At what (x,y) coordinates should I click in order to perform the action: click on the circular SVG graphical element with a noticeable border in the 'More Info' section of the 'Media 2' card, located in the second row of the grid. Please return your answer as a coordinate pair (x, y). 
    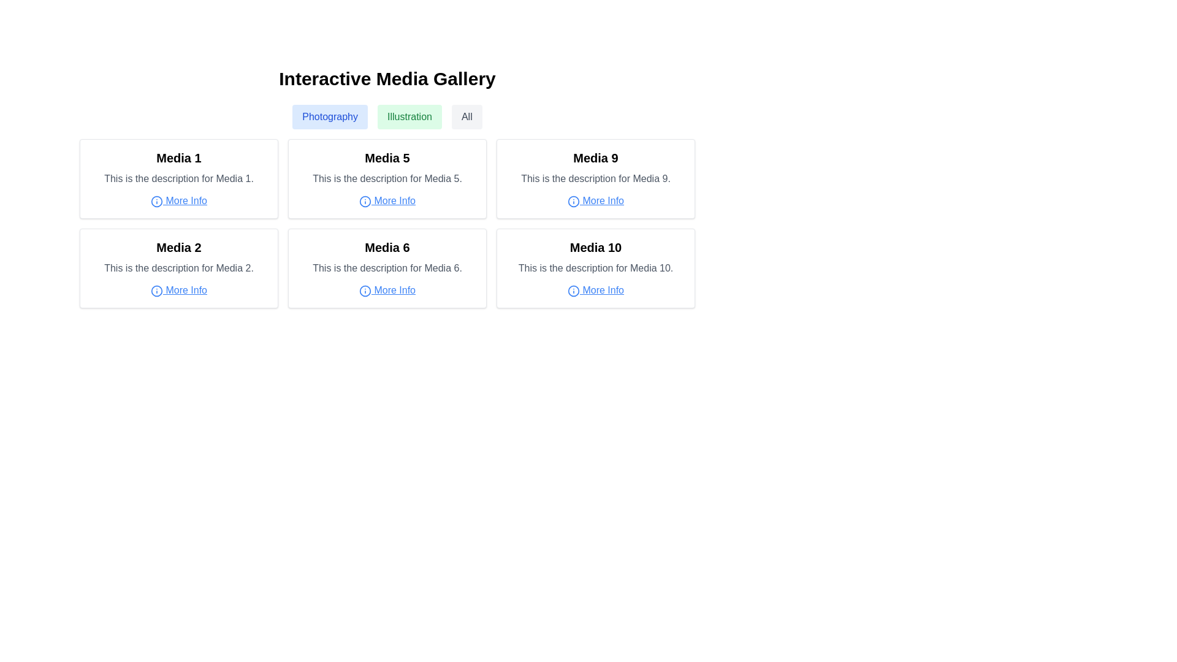
    Looking at the image, I should click on (156, 291).